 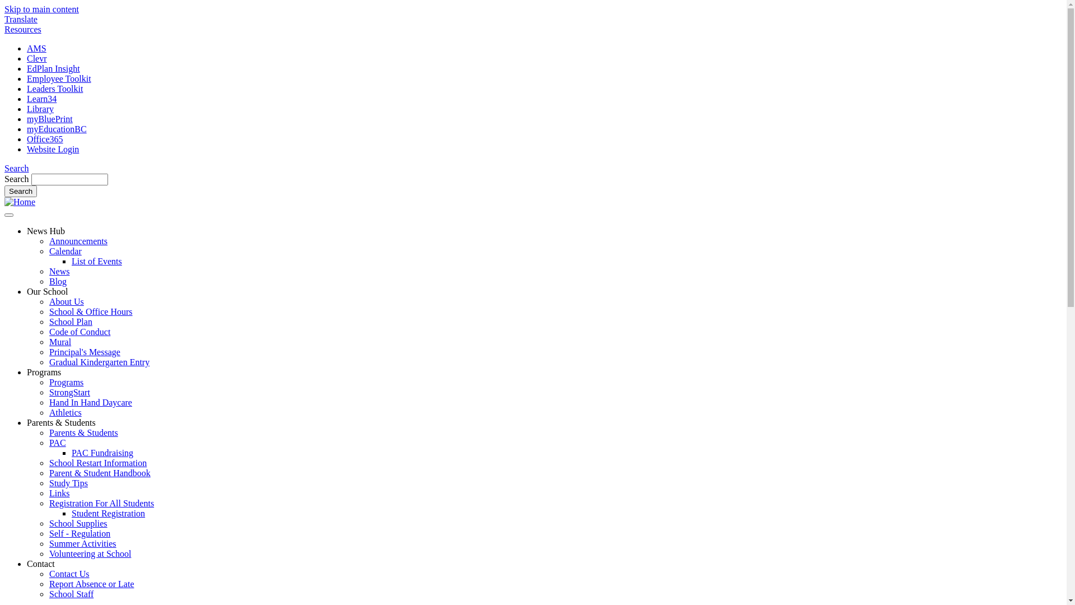 I want to click on 'School Plan', so click(x=70, y=322).